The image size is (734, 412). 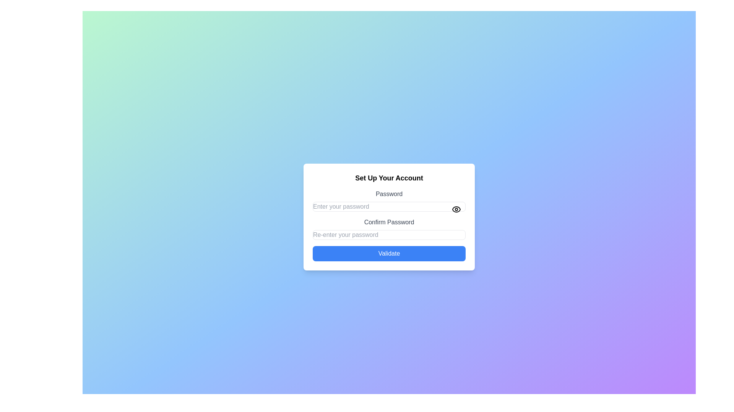 I want to click on the eye-shaped icon located adjacent to the password input field to potentially display a tooltip, so click(x=456, y=209).